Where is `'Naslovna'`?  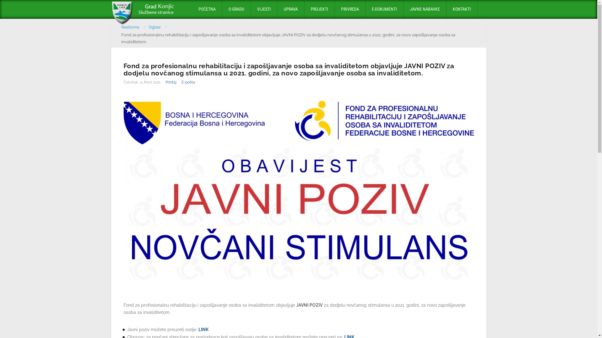
'Naslovna' is located at coordinates (121, 27).